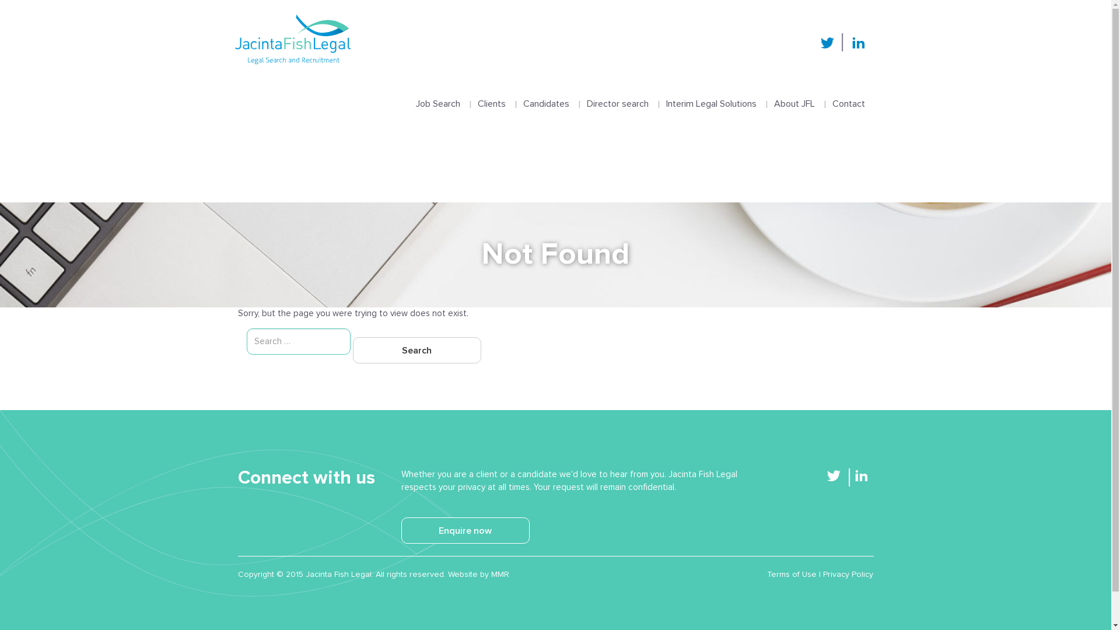 The image size is (1120, 630). I want to click on 'Job Search', so click(437, 92).